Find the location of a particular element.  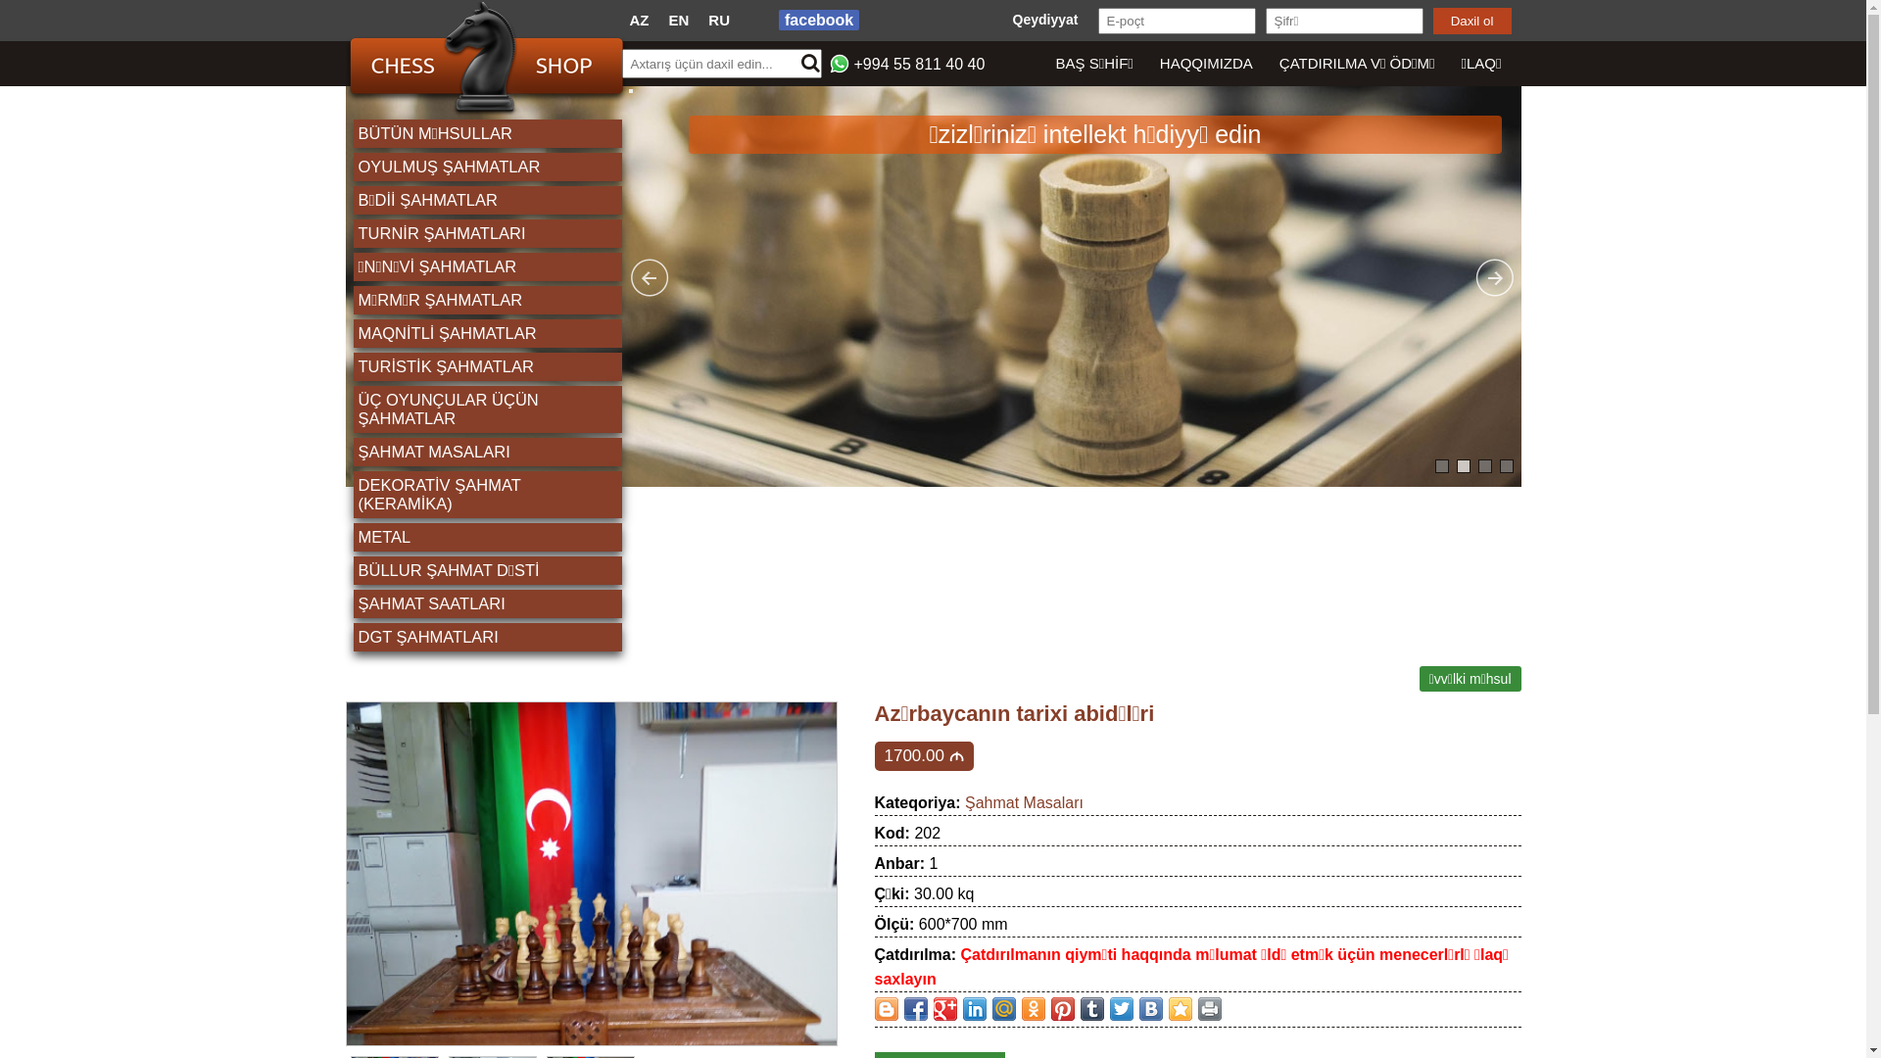

'Share to Odnoklassniki.ru' is located at coordinates (1032, 1008).